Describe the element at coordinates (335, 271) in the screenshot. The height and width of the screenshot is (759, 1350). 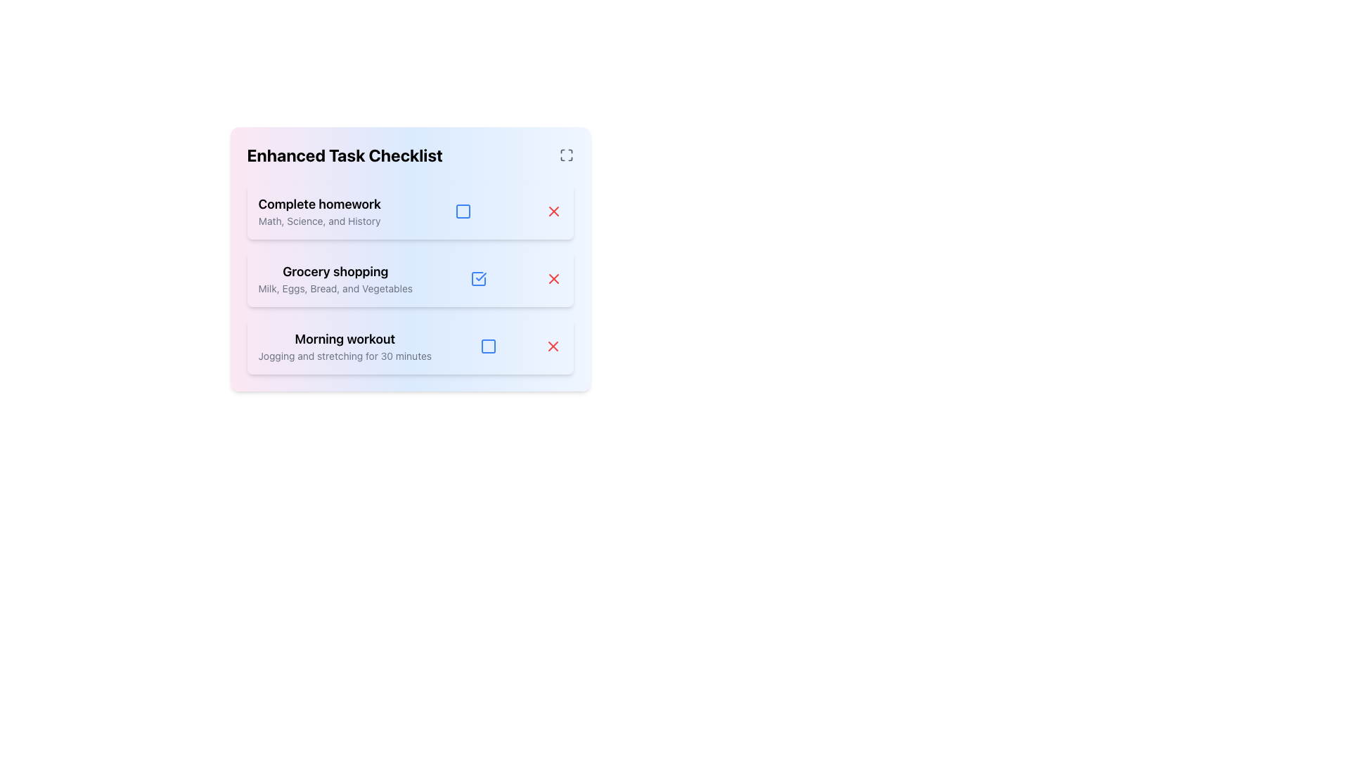
I see `the 'Grocery shopping' text label, which is styled with a bolded and larger font, located in the middle section of the checklist card between 'Complete homework' and 'Morning workout'` at that location.